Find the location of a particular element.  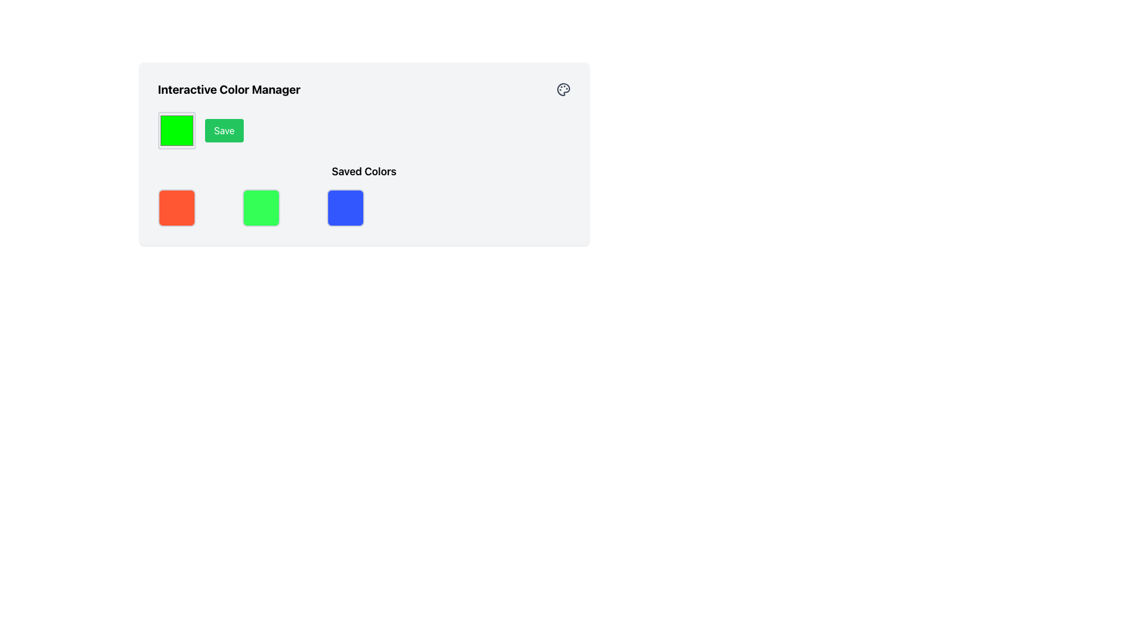

the second square with rounded corners and a green background in the 'Saved Colors' section is located at coordinates (279, 207).